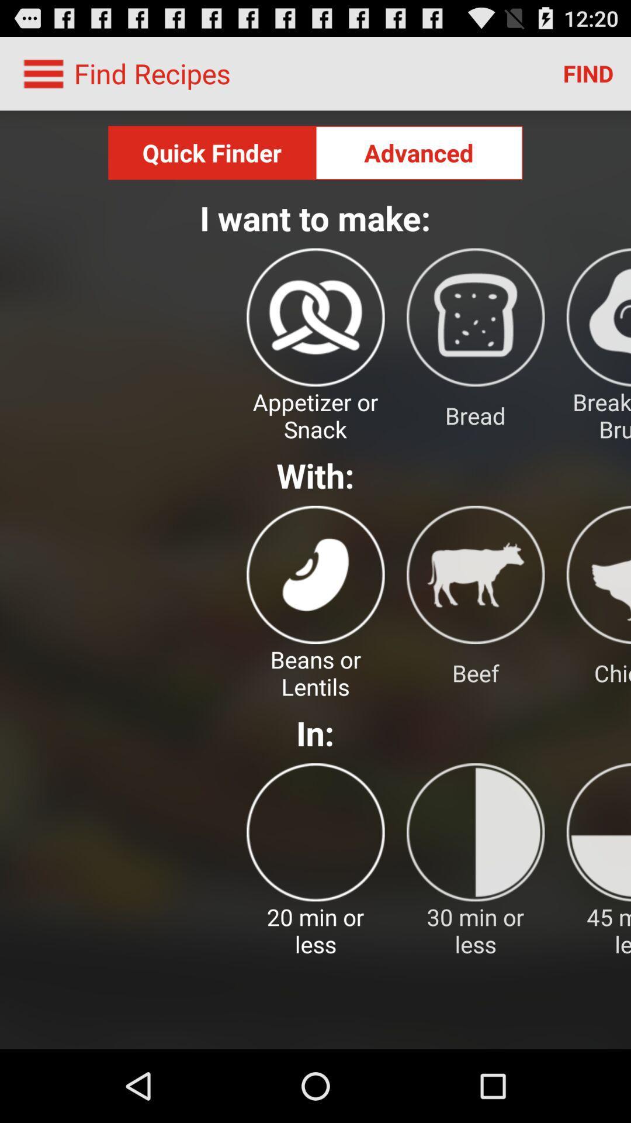 The height and width of the screenshot is (1123, 631). What do you see at coordinates (212, 152) in the screenshot?
I see `the button to the left of advanced icon` at bounding box center [212, 152].